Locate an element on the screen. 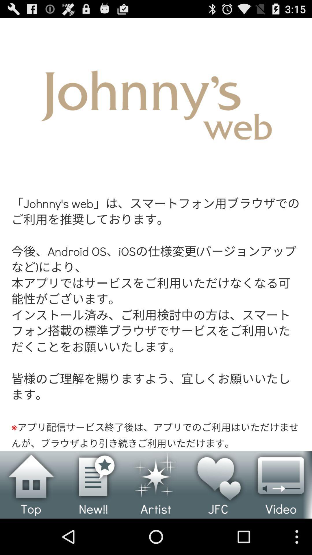  the chat icon is located at coordinates (93, 519).